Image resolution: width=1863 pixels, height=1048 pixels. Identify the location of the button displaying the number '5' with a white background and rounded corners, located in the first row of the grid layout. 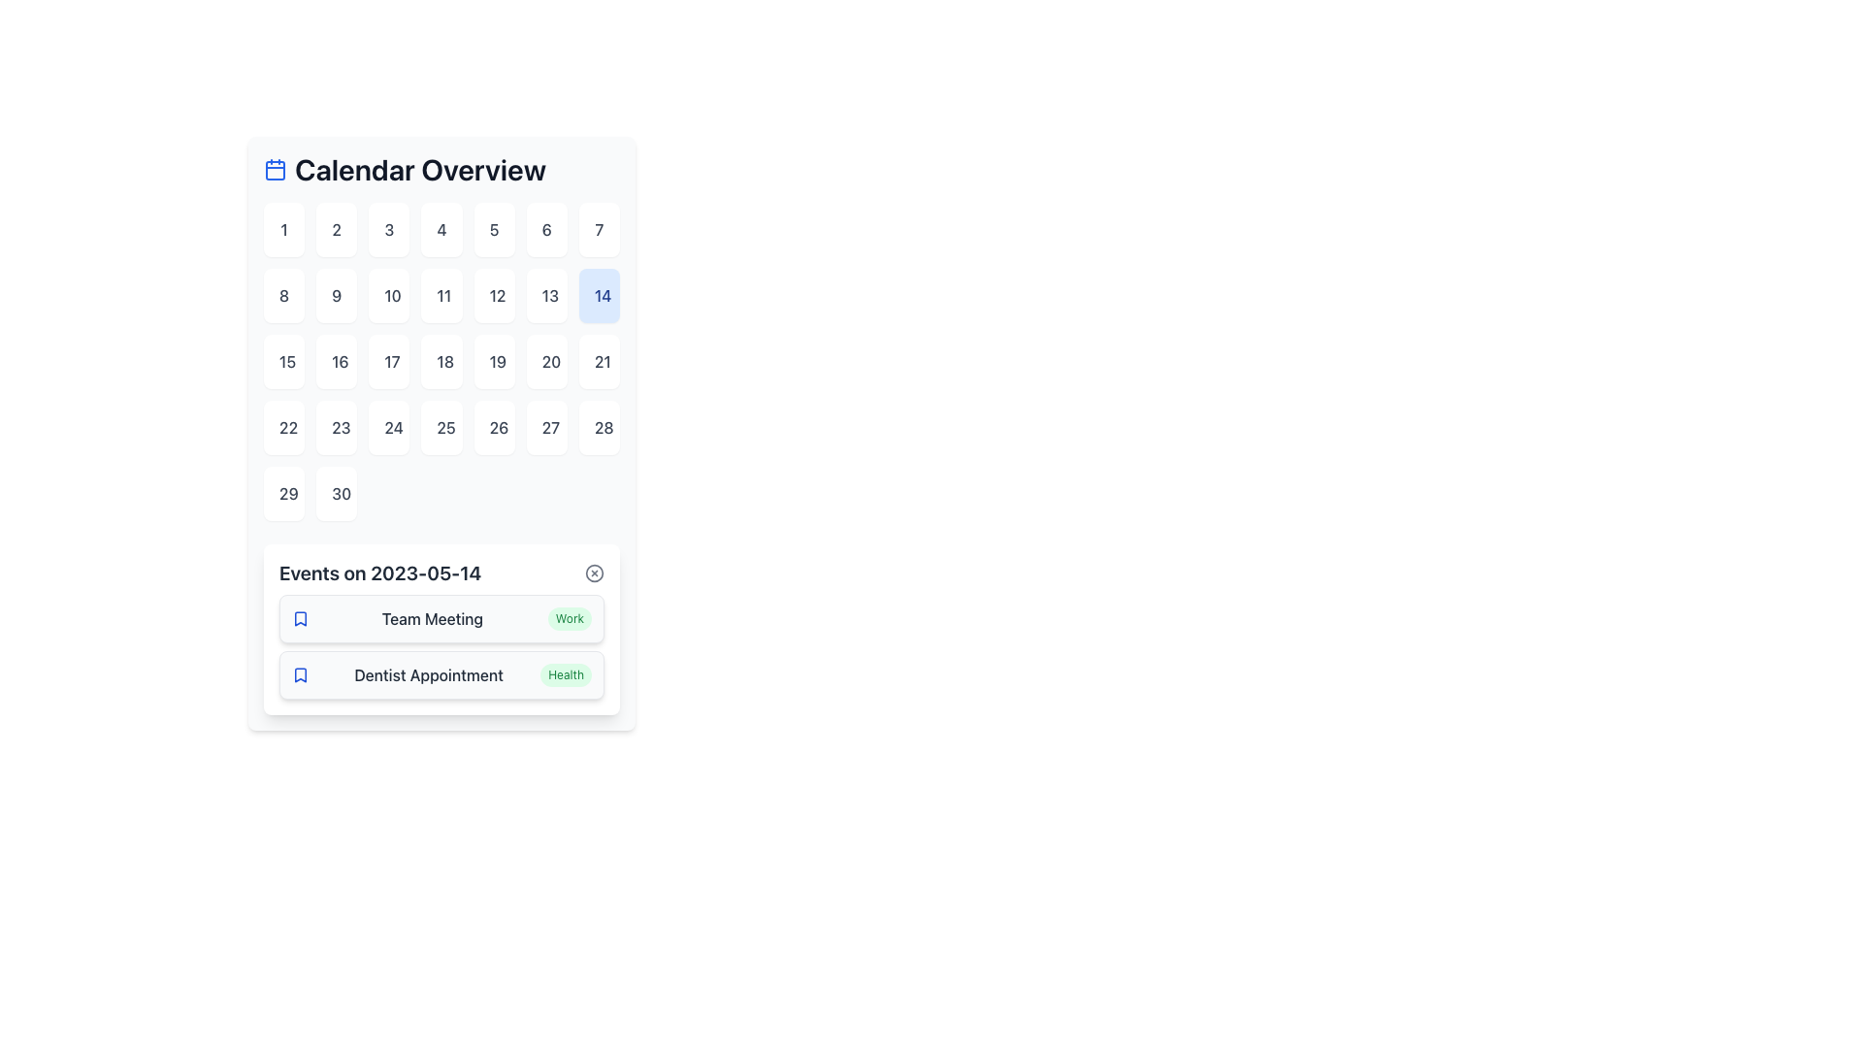
(494, 228).